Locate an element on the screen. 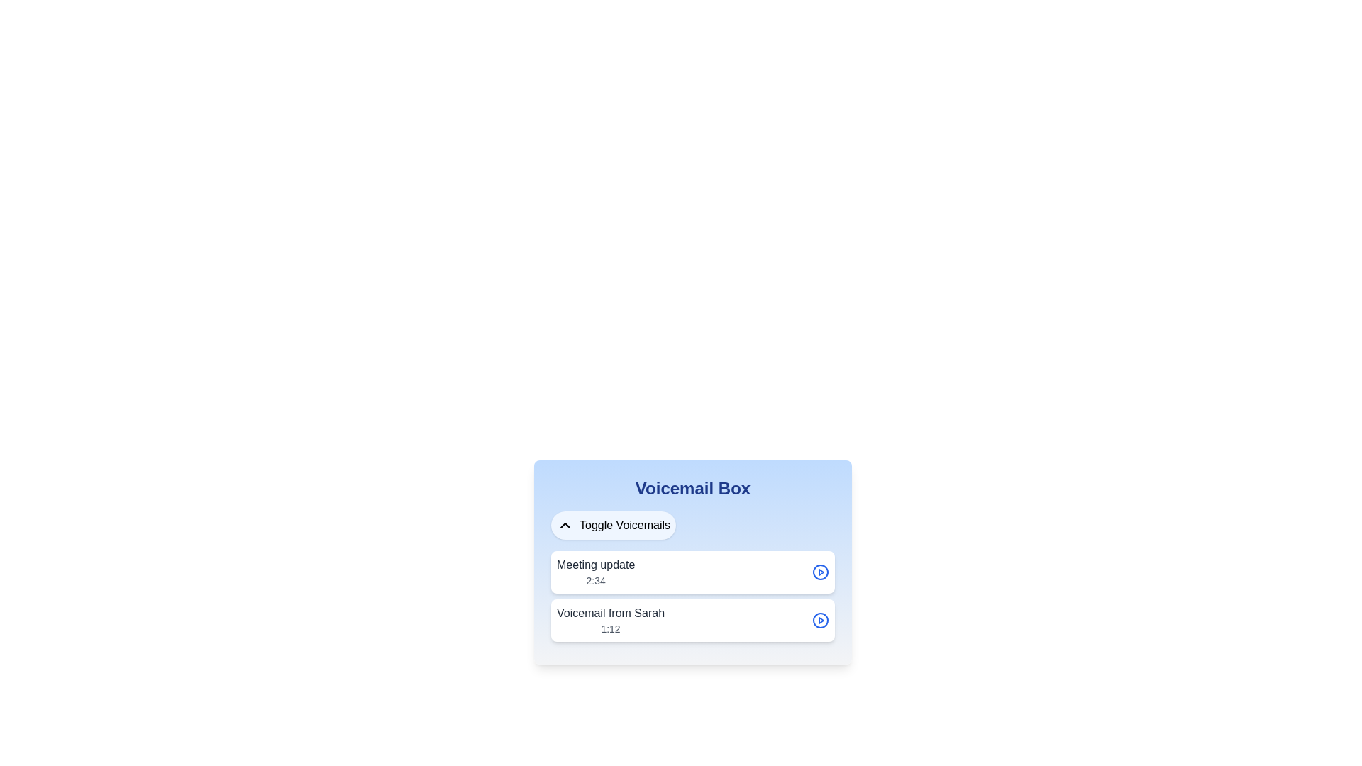  the 'Toggle Voicemails' button with a light blue background and upward-pointing arrow icon is located at coordinates (613, 525).